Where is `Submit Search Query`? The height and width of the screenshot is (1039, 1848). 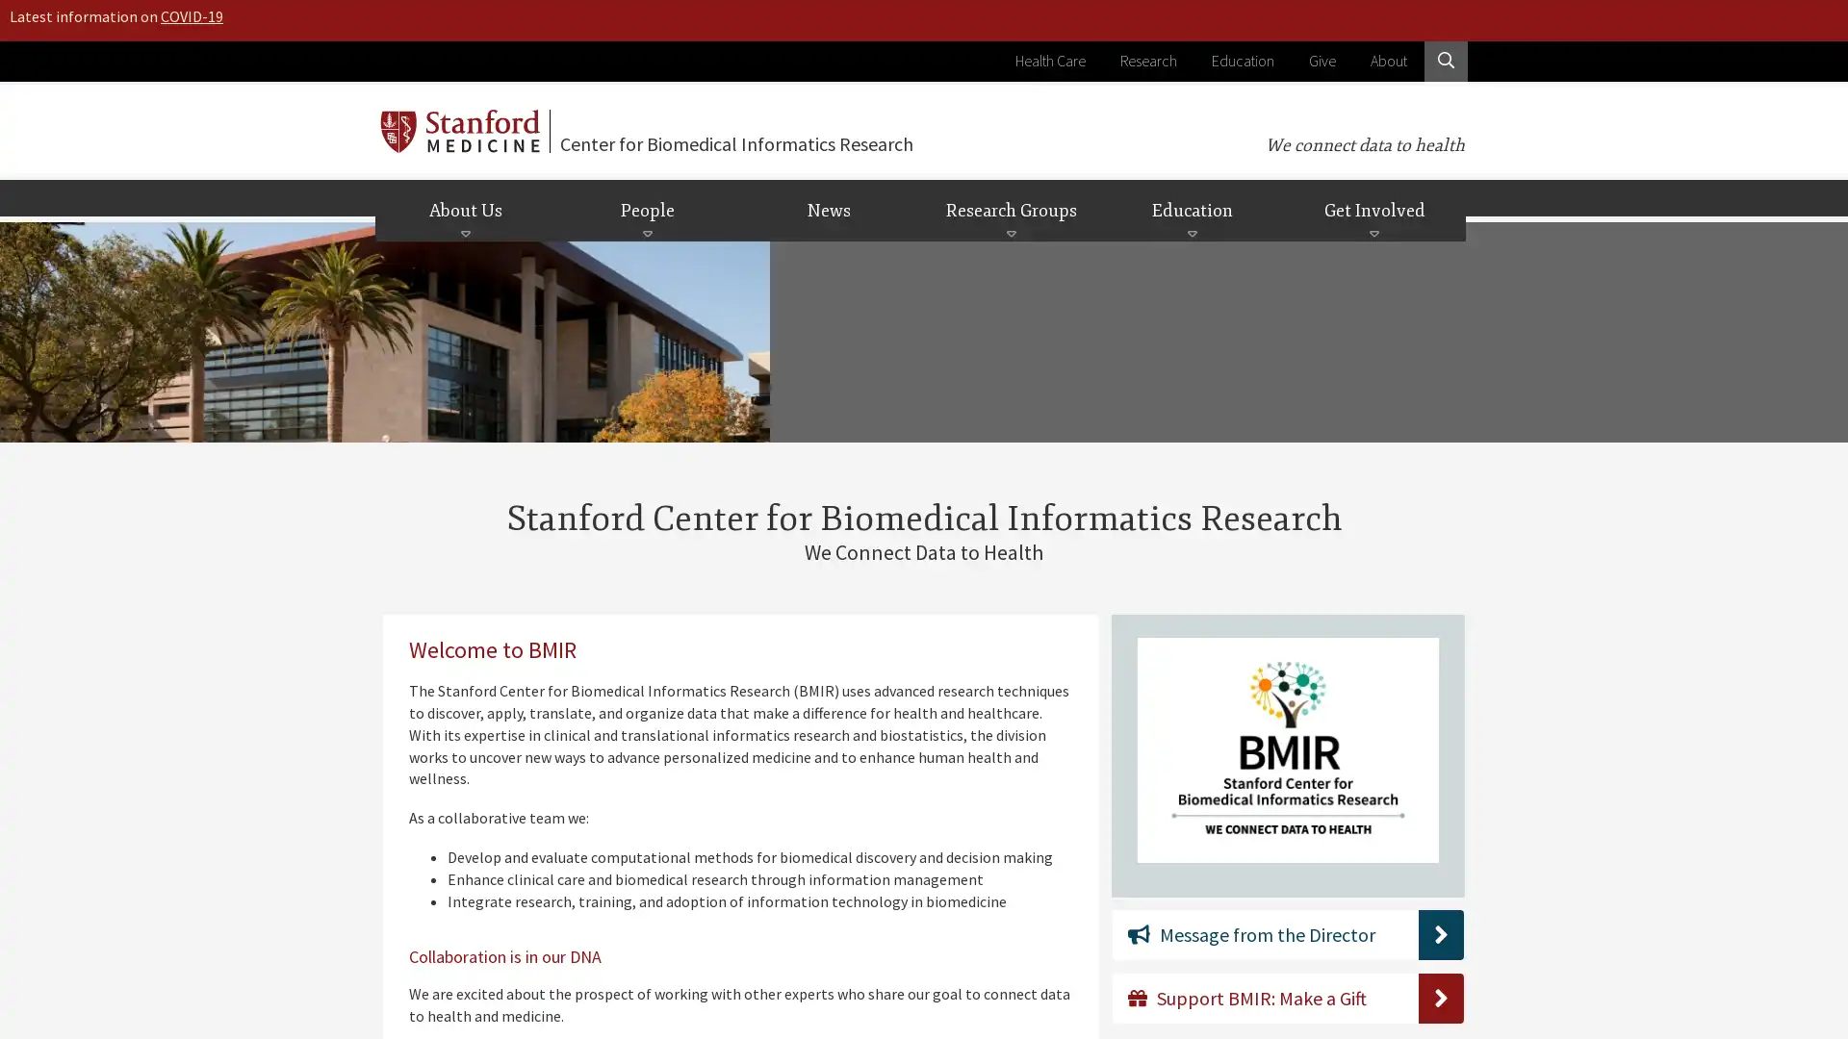
Submit Search Query is located at coordinates (1423, 179).